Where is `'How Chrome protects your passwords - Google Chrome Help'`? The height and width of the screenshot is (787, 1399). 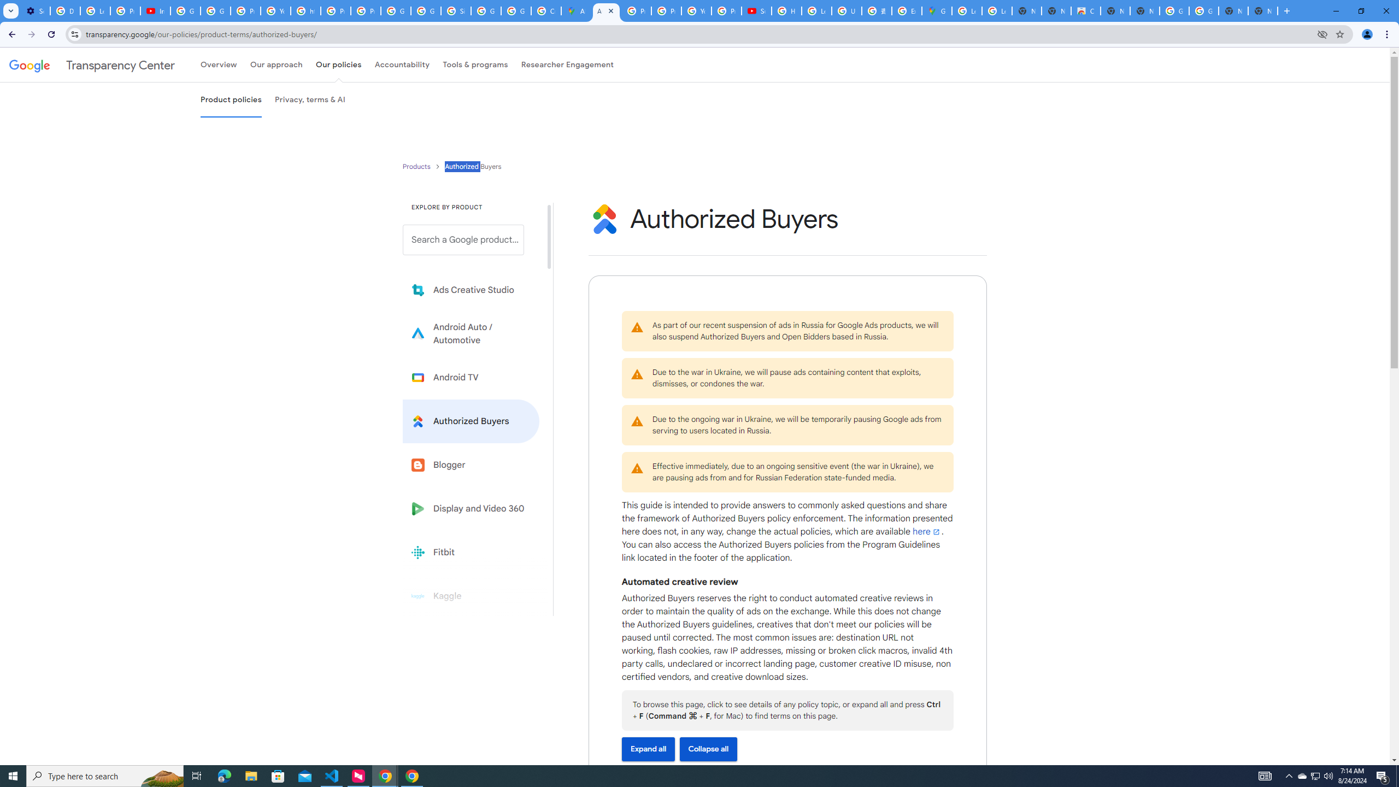 'How Chrome protects your passwords - Google Chrome Help' is located at coordinates (786, 10).